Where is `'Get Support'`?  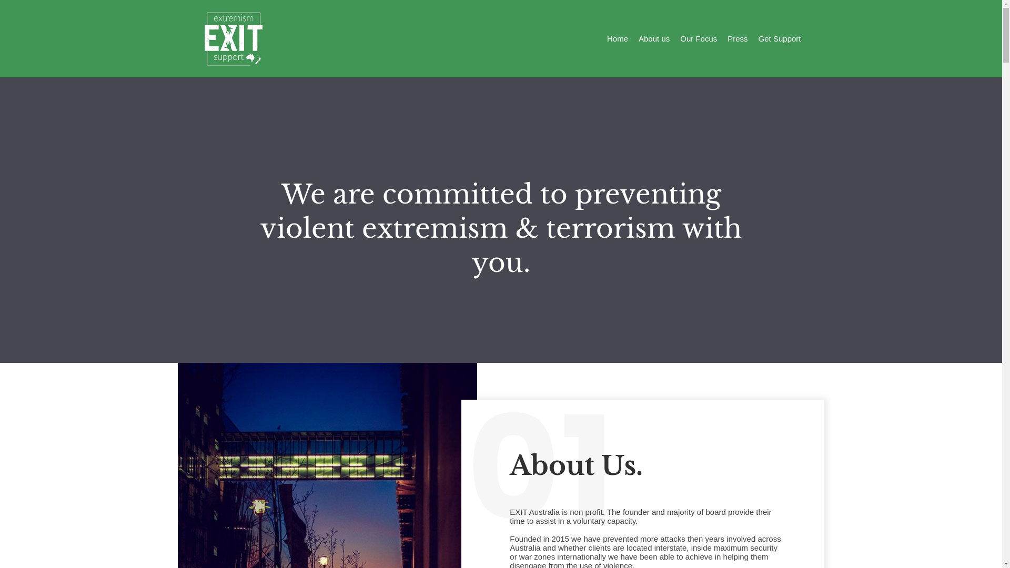
'Get Support' is located at coordinates (758, 38).